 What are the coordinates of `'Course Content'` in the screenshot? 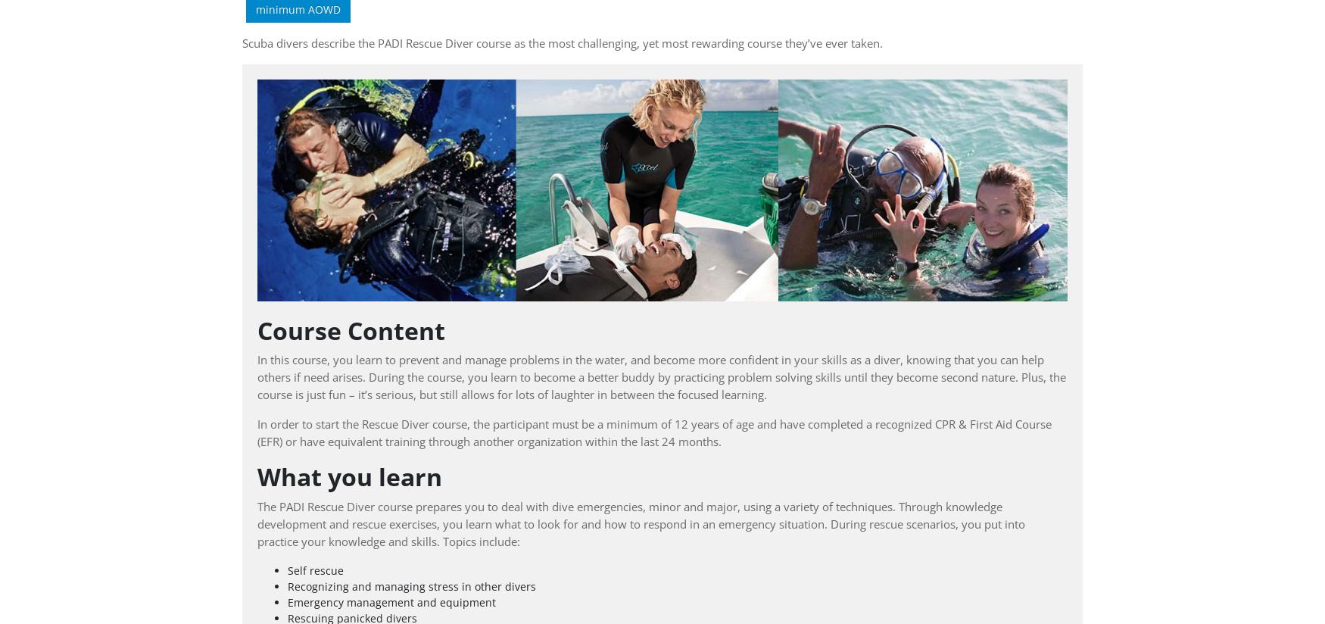 It's located at (351, 329).